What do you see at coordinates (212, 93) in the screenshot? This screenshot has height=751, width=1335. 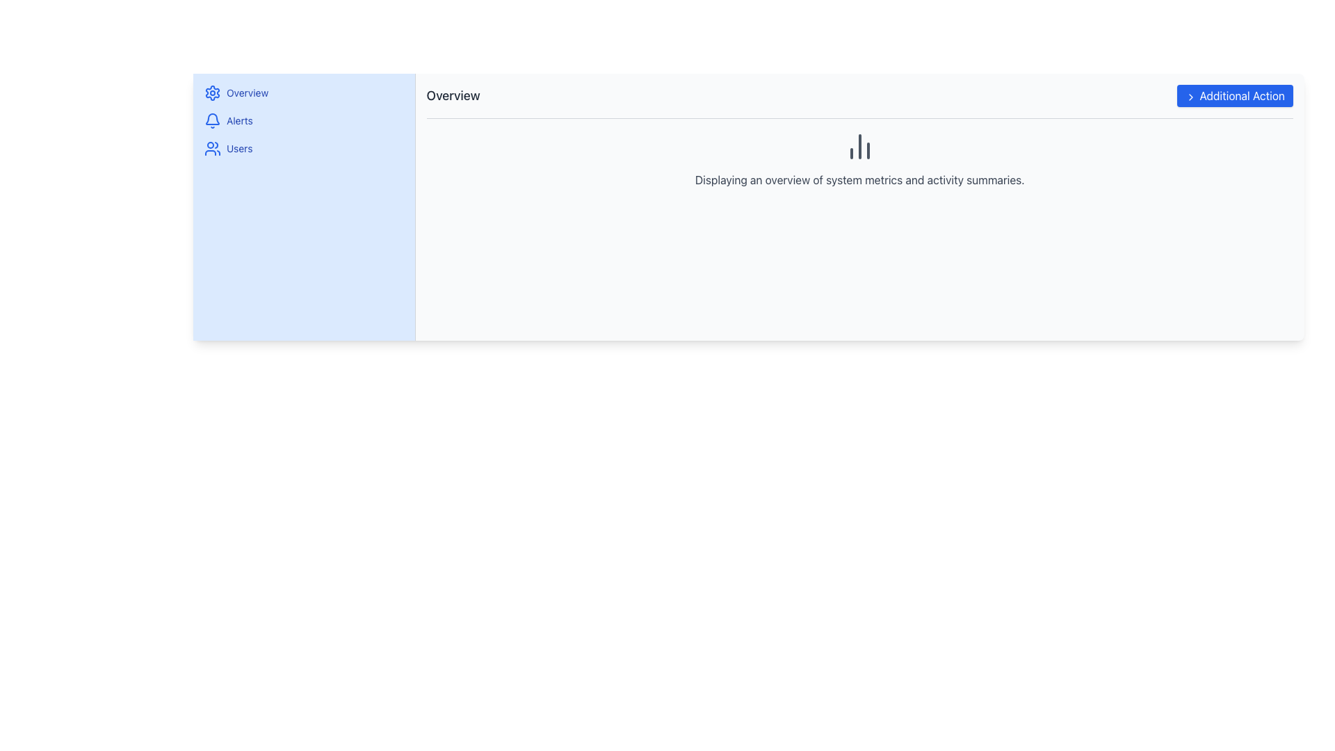 I see `the settings icon, which is the first item in the vertical list of sidebar icons located in the left sidebar of the application` at bounding box center [212, 93].